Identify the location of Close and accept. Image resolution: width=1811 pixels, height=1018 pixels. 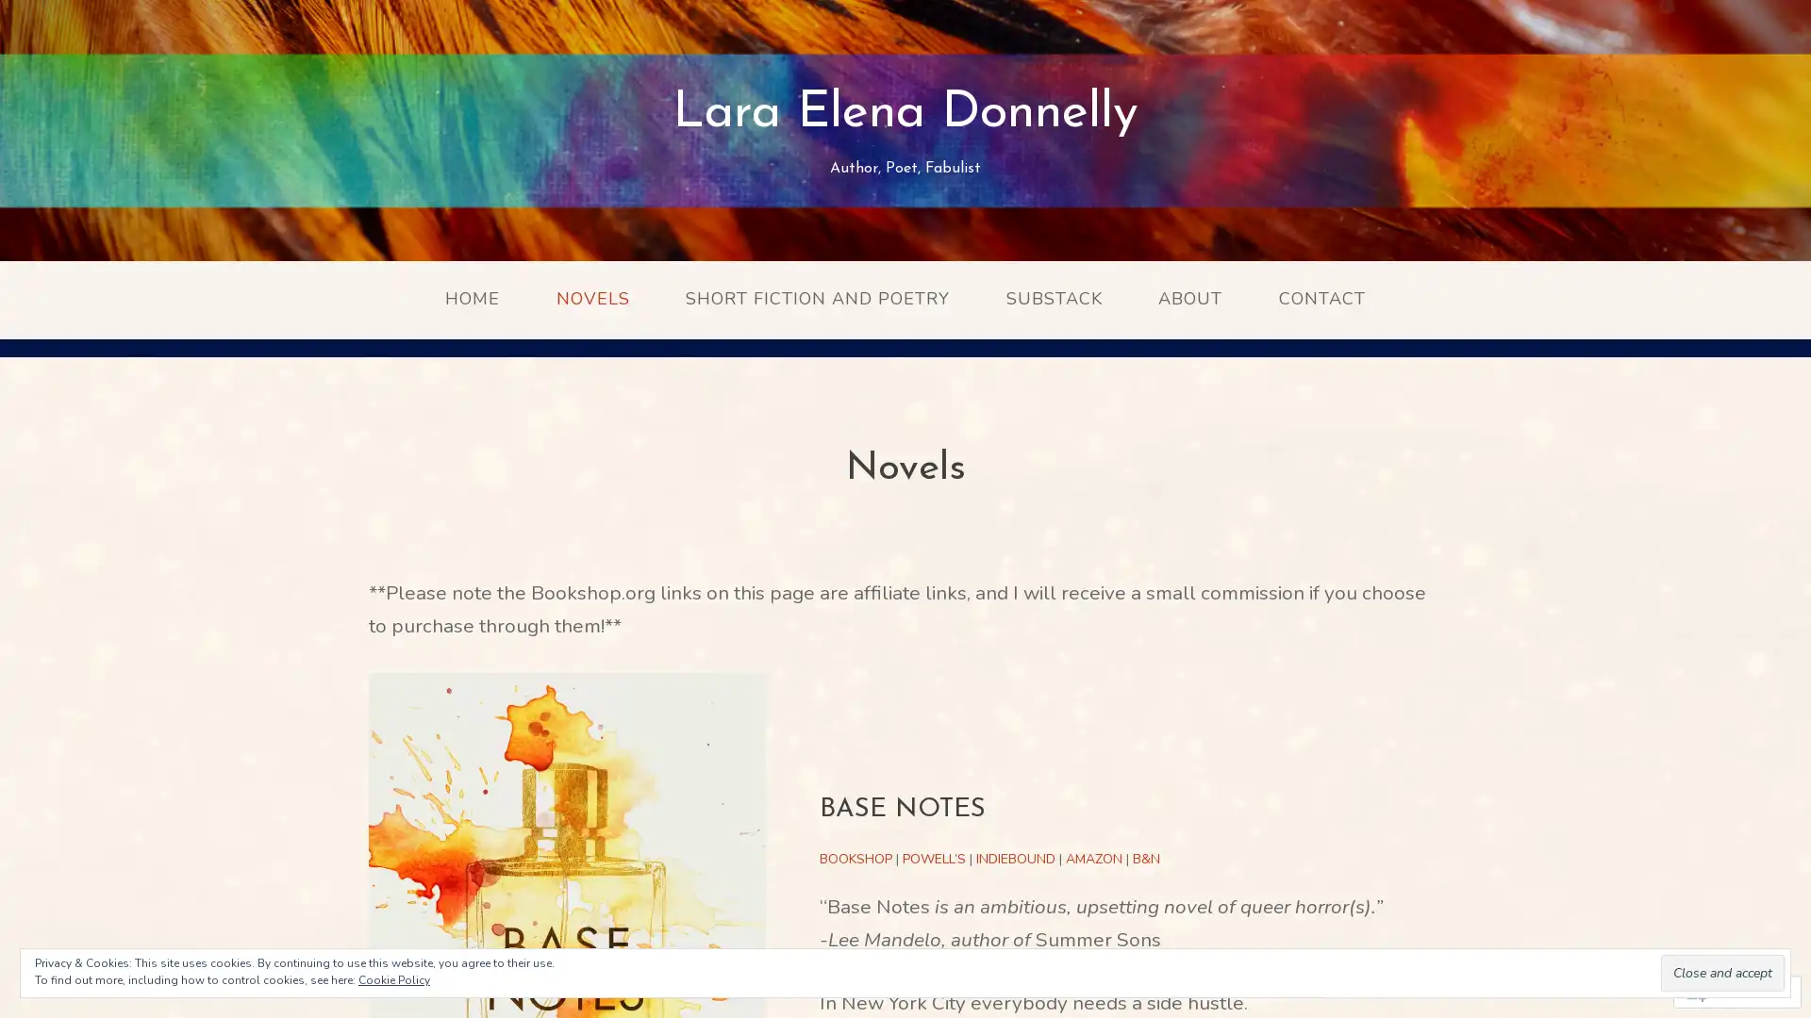
(1722, 973).